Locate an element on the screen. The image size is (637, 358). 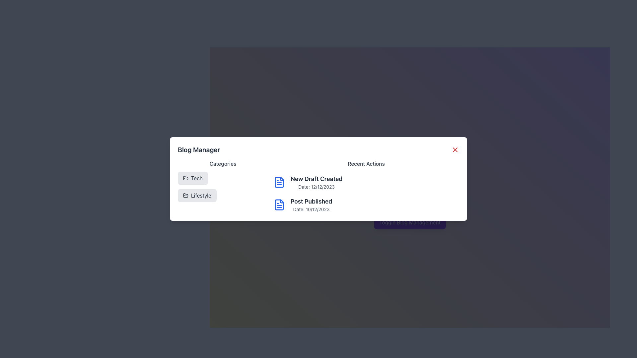
the blue-colored document icon with a thin outline and rounded corners located to the left of the text 'New Draft Created' in the 'Recent Actions' section of the 'Blog Manager' dialog box is located at coordinates (279, 182).